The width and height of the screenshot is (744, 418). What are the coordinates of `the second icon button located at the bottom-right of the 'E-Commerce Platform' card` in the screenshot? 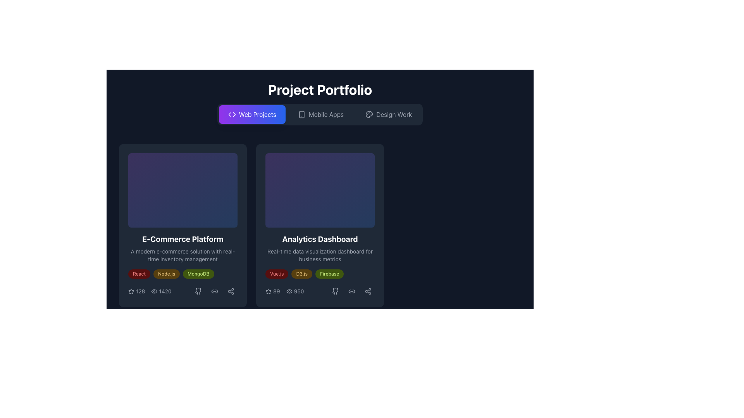 It's located at (214, 291).